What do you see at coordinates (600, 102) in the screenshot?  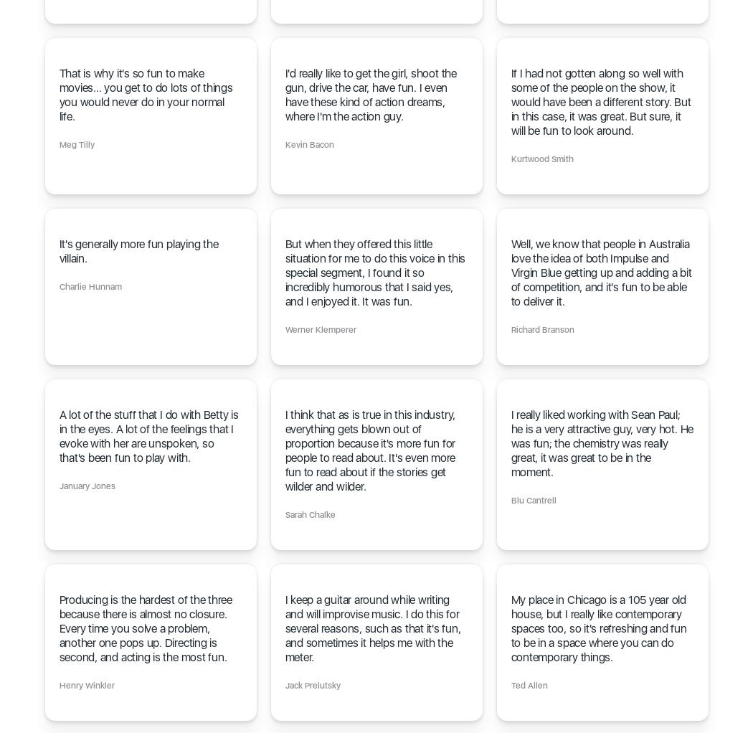 I see `'If I had not gotten along so well with some of the people on the show, it would have been a different story. But in this case, it was great. But sure, it will be fun to look around.'` at bounding box center [600, 102].